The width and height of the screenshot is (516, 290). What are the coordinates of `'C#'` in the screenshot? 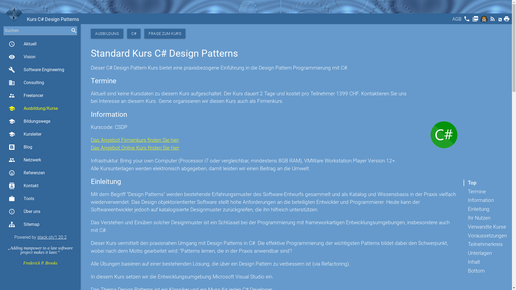 It's located at (134, 33).